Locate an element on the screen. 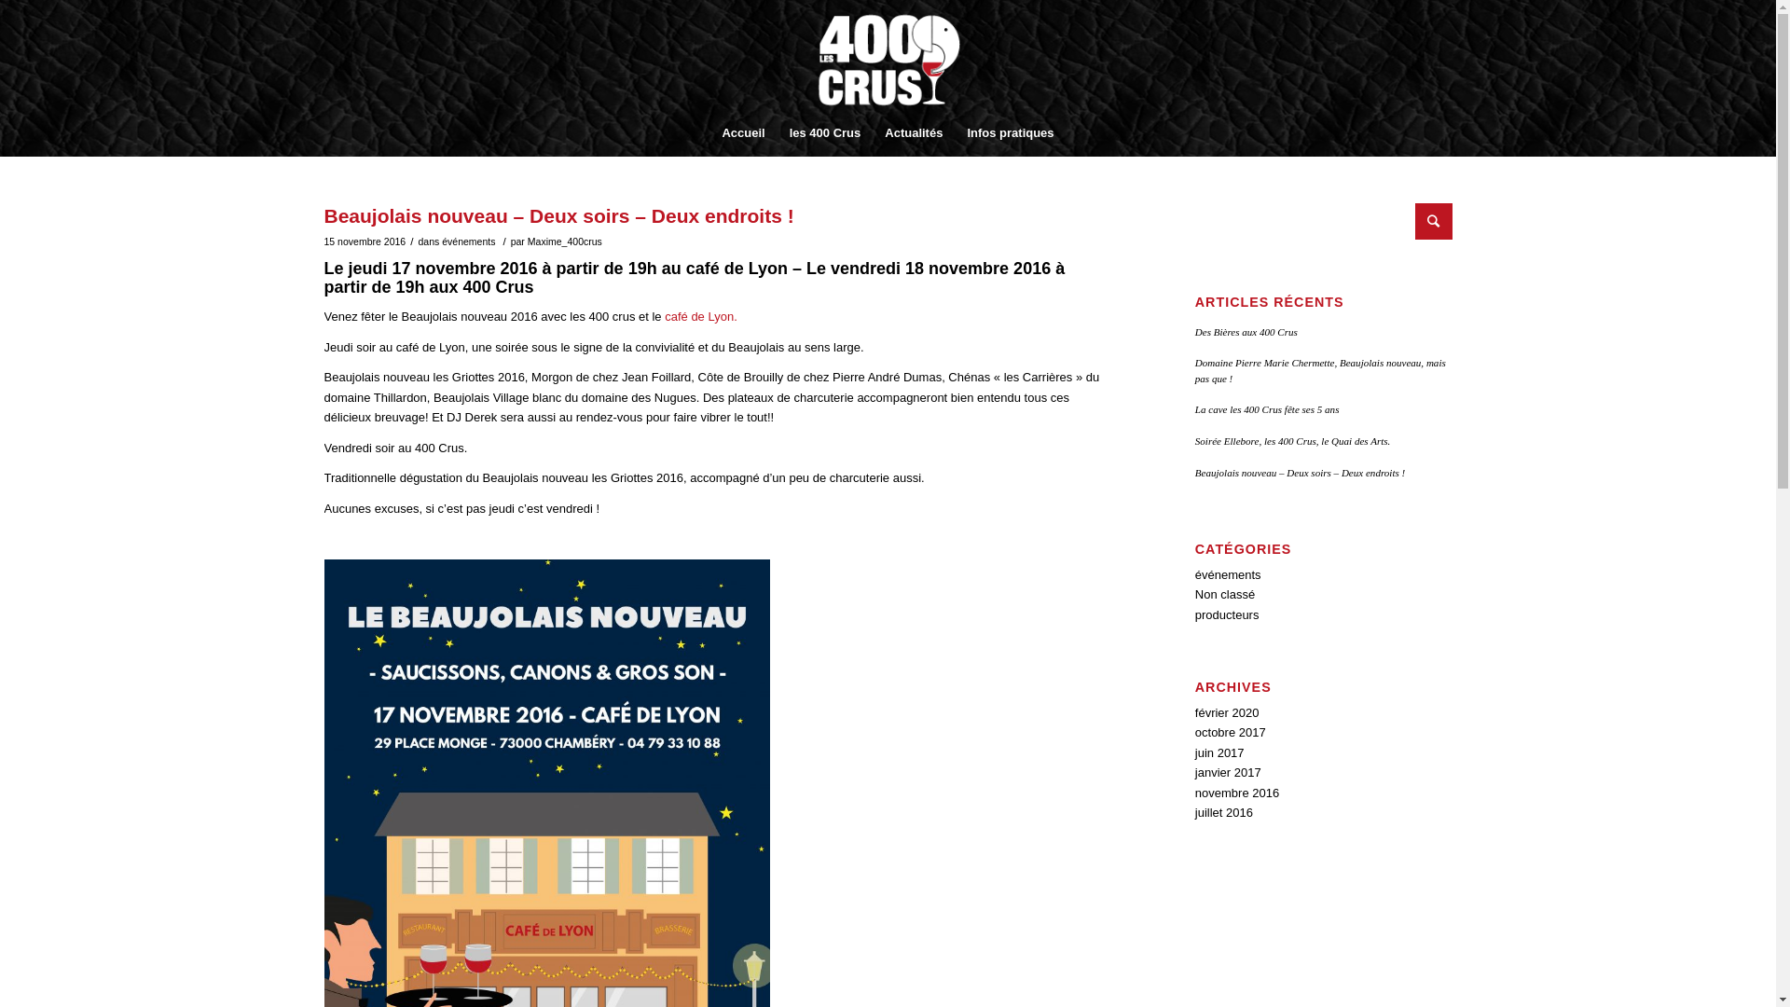 The width and height of the screenshot is (1790, 1007). 'octobre 2017' is located at coordinates (1231, 731).